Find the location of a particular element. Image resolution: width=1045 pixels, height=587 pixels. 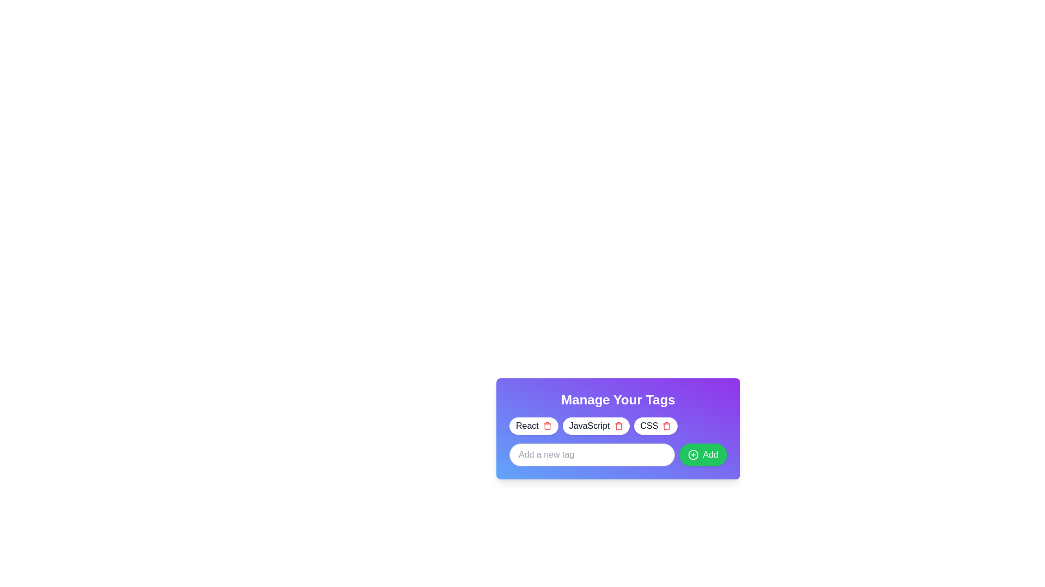

the red trash icon button is located at coordinates (547, 425).